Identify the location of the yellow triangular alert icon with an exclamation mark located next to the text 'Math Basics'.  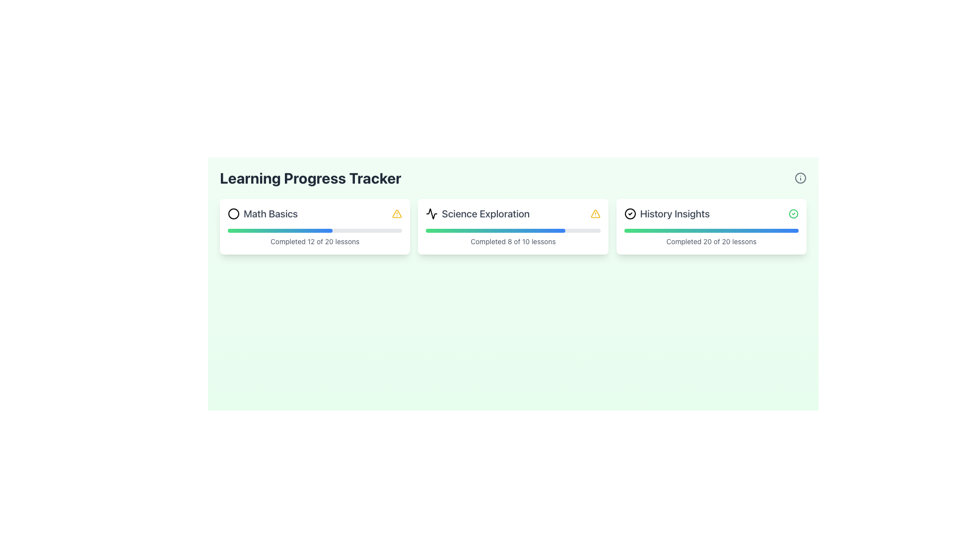
(397, 213).